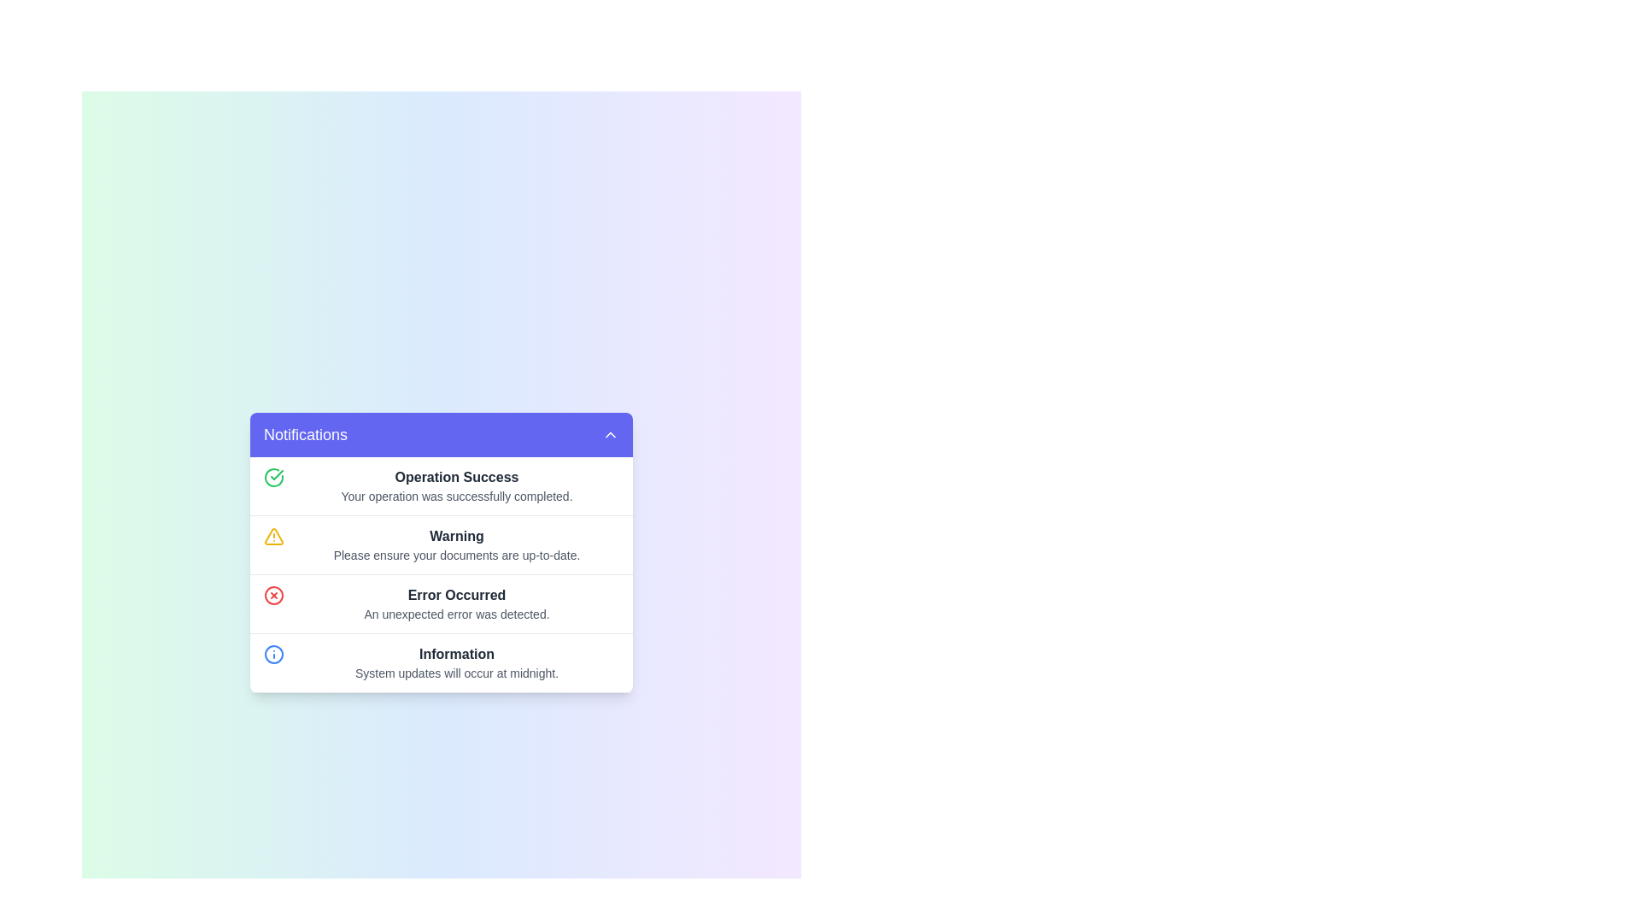 The image size is (1640, 923). Describe the element at coordinates (456, 536) in the screenshot. I see `the text label that reads 'Warning', which is styled with a bold font and dark gray color, located within the notification panel` at that location.